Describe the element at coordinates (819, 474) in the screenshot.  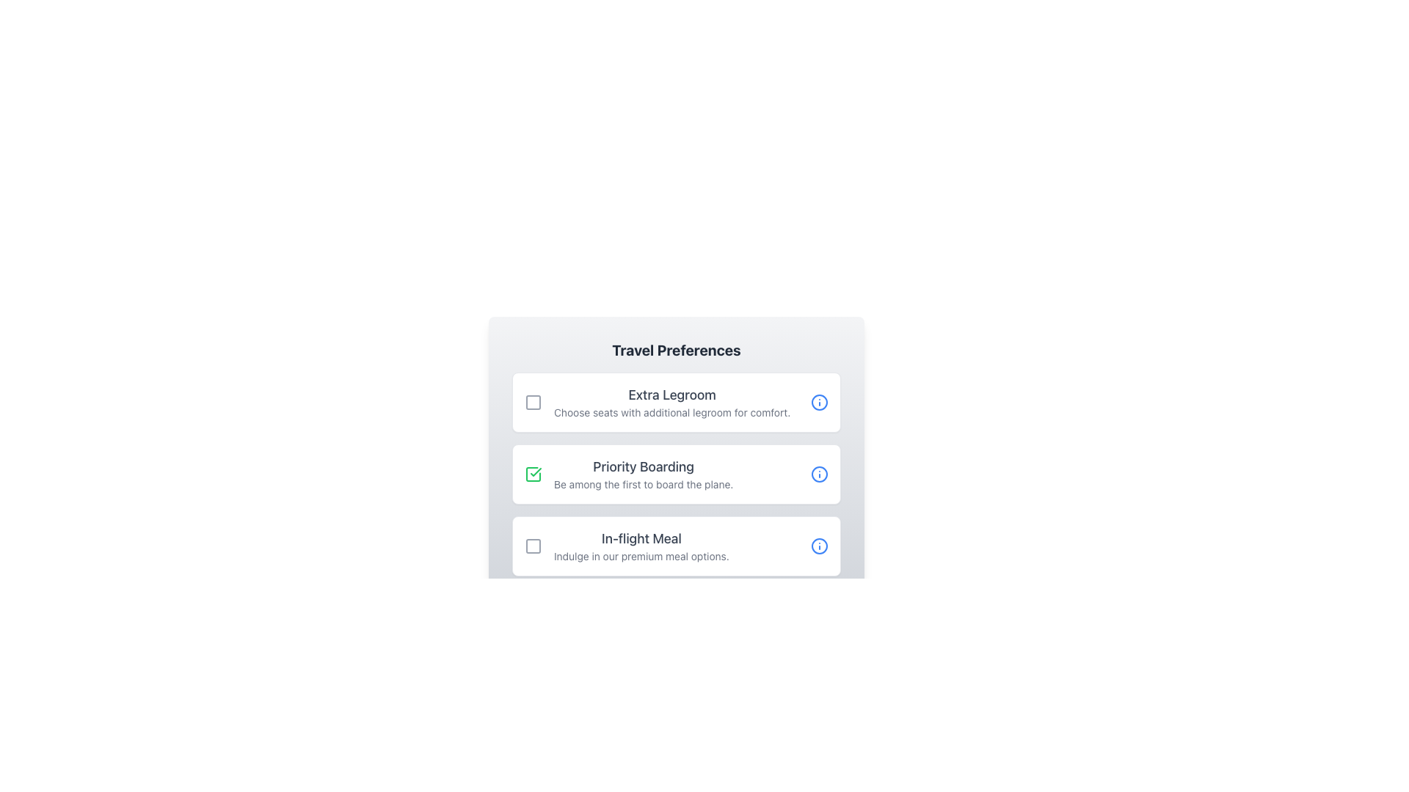
I see `the circular icon base with a blue outline and white interior, located to the right of the 'Priority Boarding' option in the 'Travel Preferences' section` at that location.